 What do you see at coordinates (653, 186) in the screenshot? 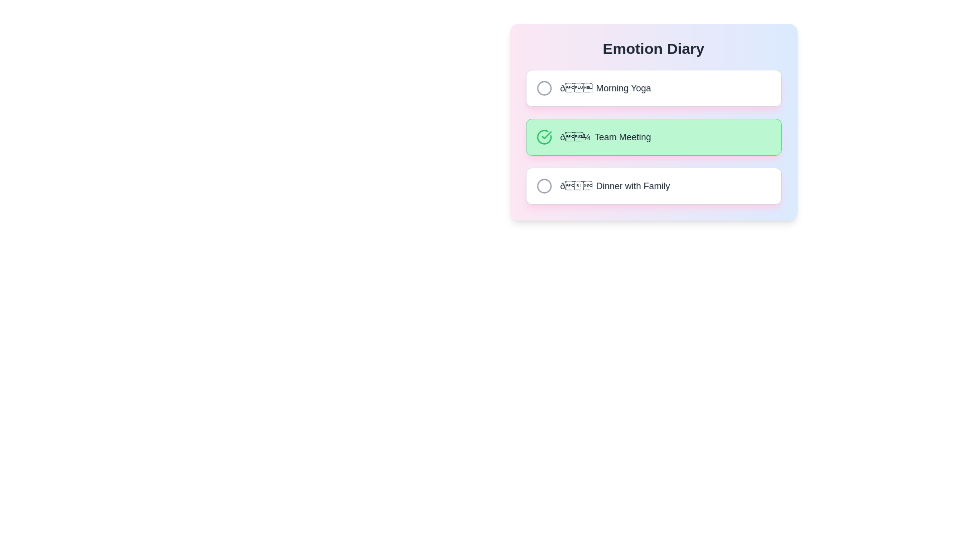
I see `the entry corresponding to Dinner with Family` at bounding box center [653, 186].